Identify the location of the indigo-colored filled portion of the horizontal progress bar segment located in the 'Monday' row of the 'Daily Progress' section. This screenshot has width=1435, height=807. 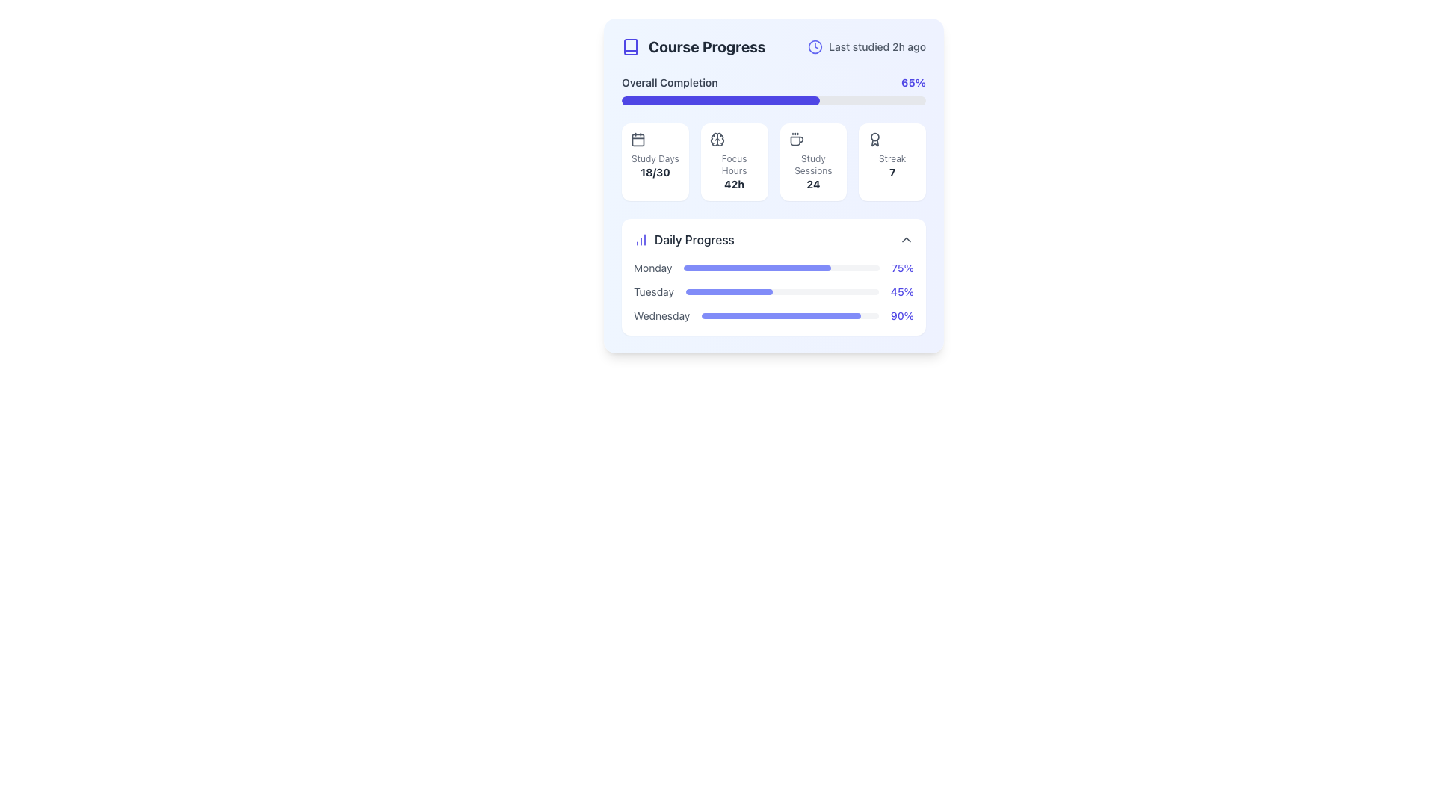
(757, 267).